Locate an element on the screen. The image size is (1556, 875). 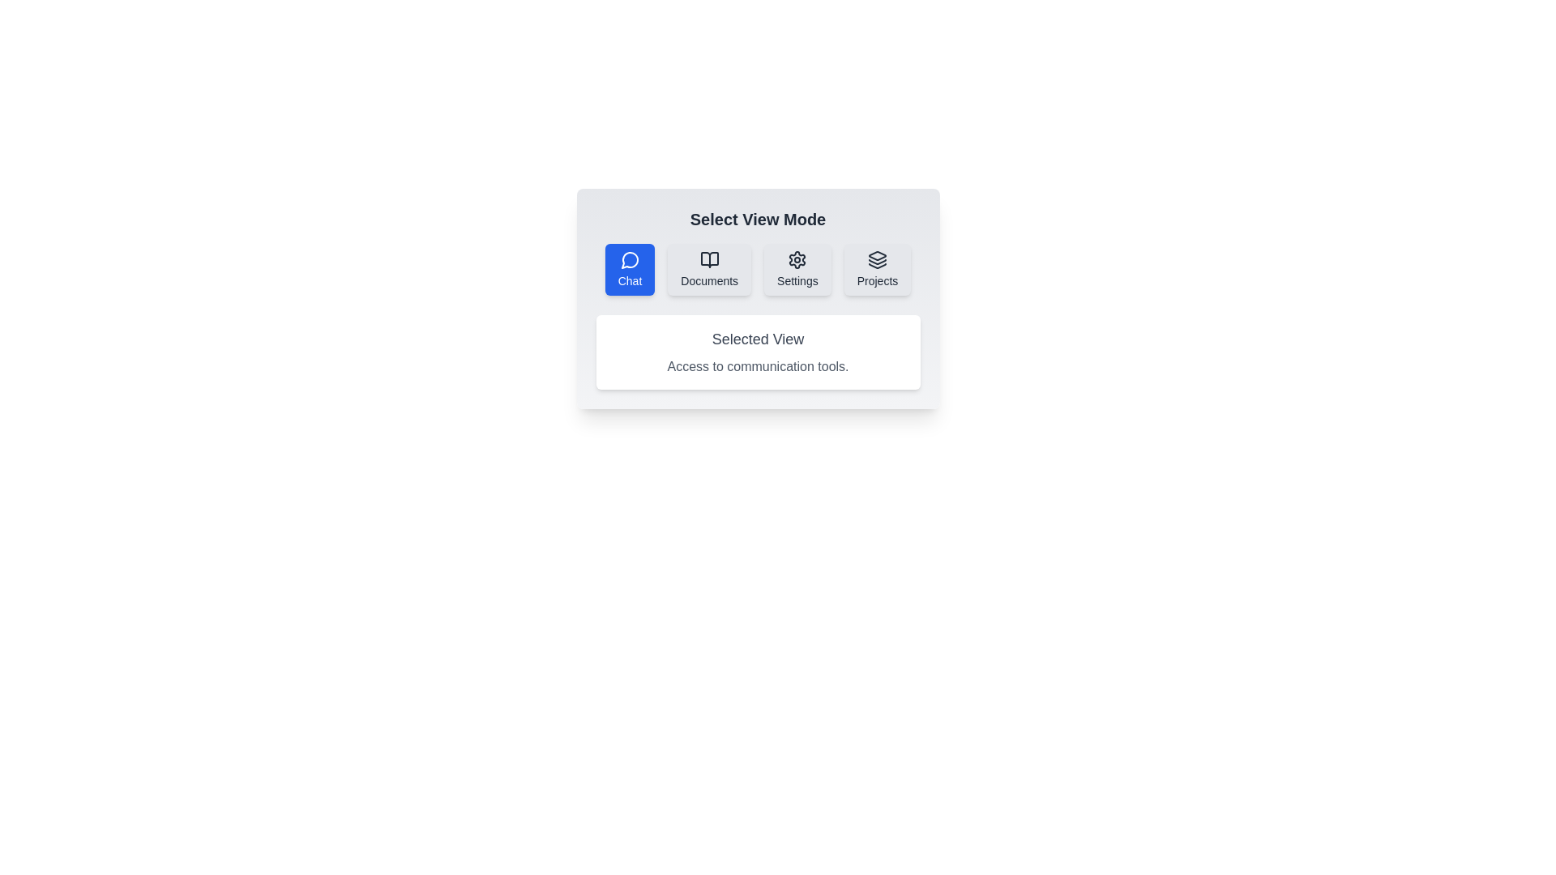
the view mode by clicking on the button corresponding to Projects is located at coordinates (877, 268).